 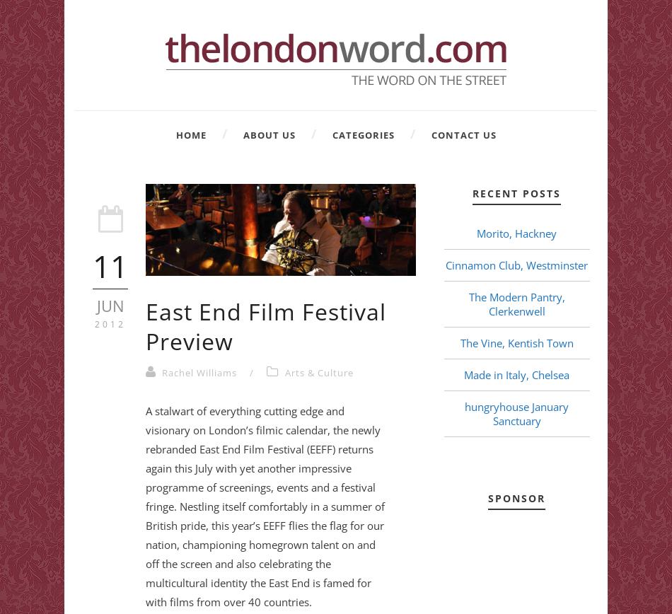 I want to click on 'Recent Posts', so click(x=473, y=193).